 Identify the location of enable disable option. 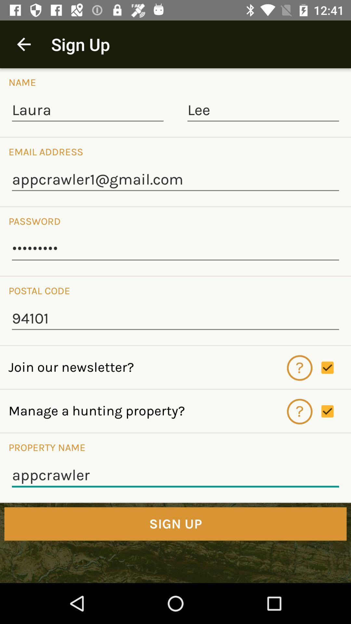
(336, 368).